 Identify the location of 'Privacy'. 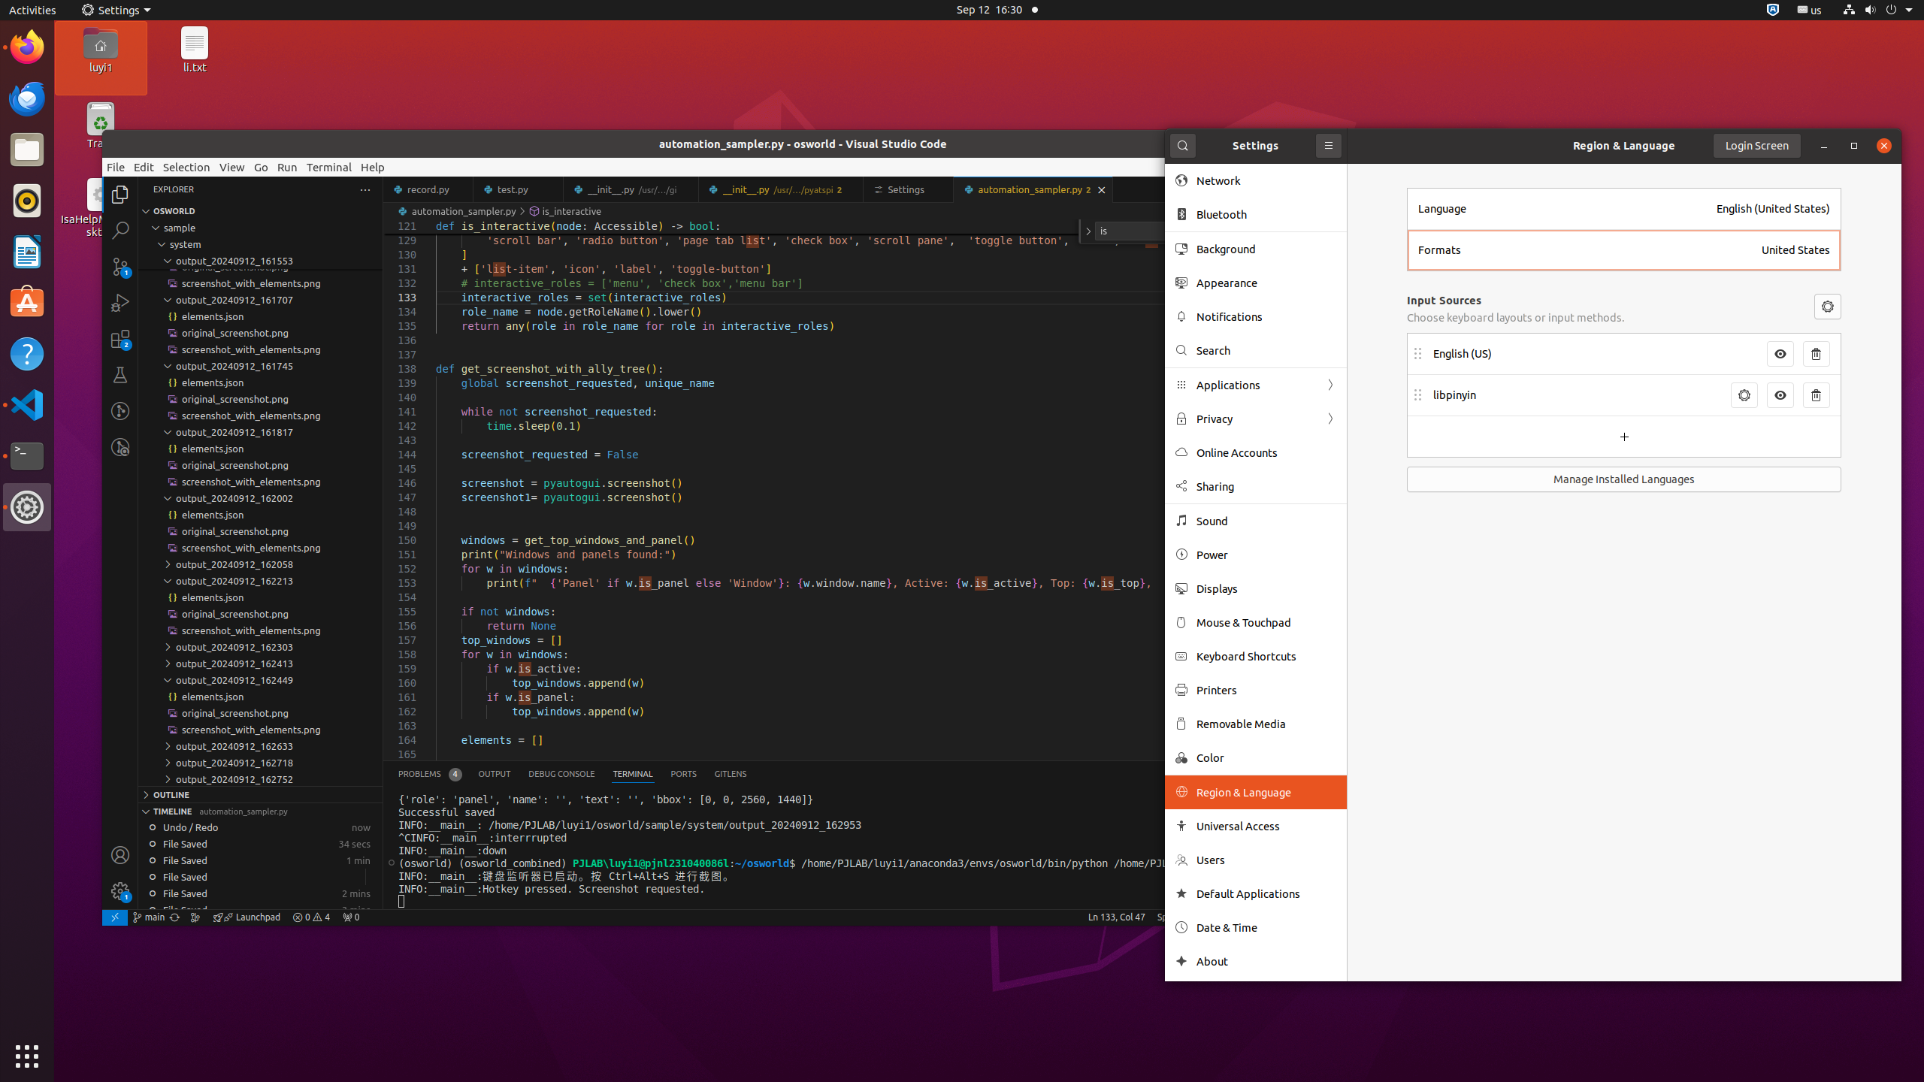
(1255, 418).